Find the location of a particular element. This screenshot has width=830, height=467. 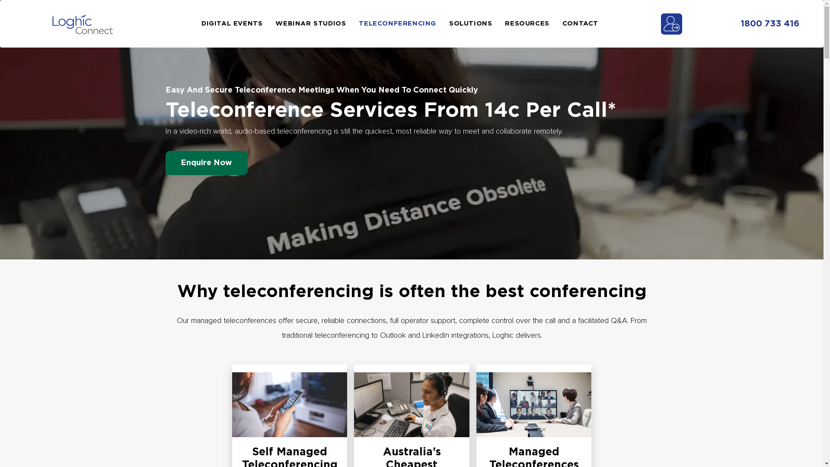

'WEBINAR STUDIOS' is located at coordinates (316, 23).